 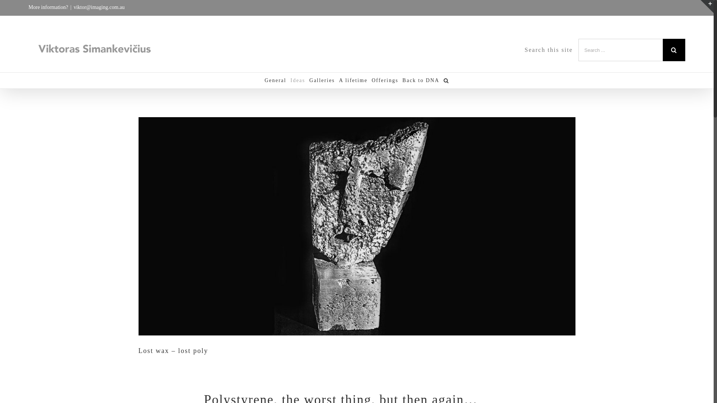 I want to click on 'viktor@imaging.com.au', so click(x=99, y=7).